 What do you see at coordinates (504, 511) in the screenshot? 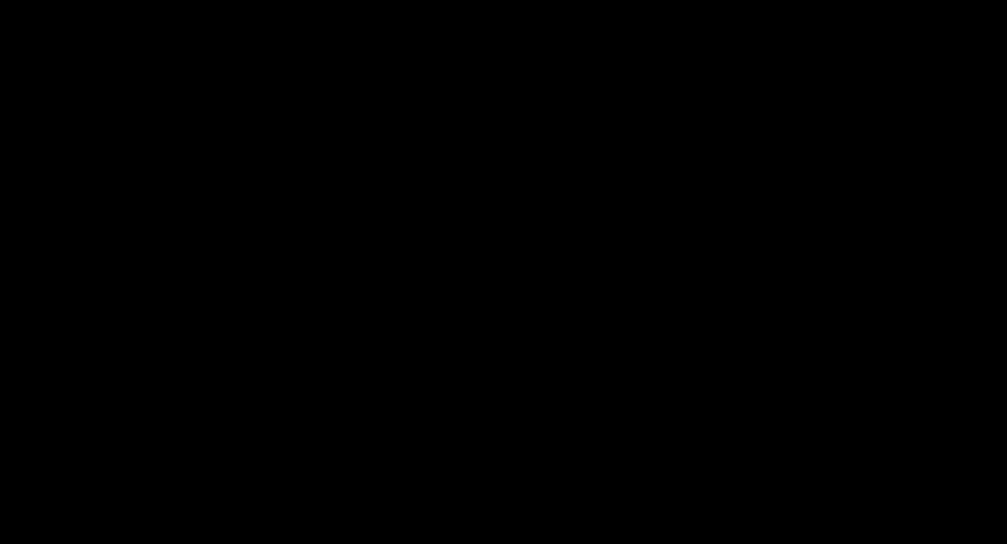
I see `'TIM, DEFENDER OF THE EARTH'` at bounding box center [504, 511].